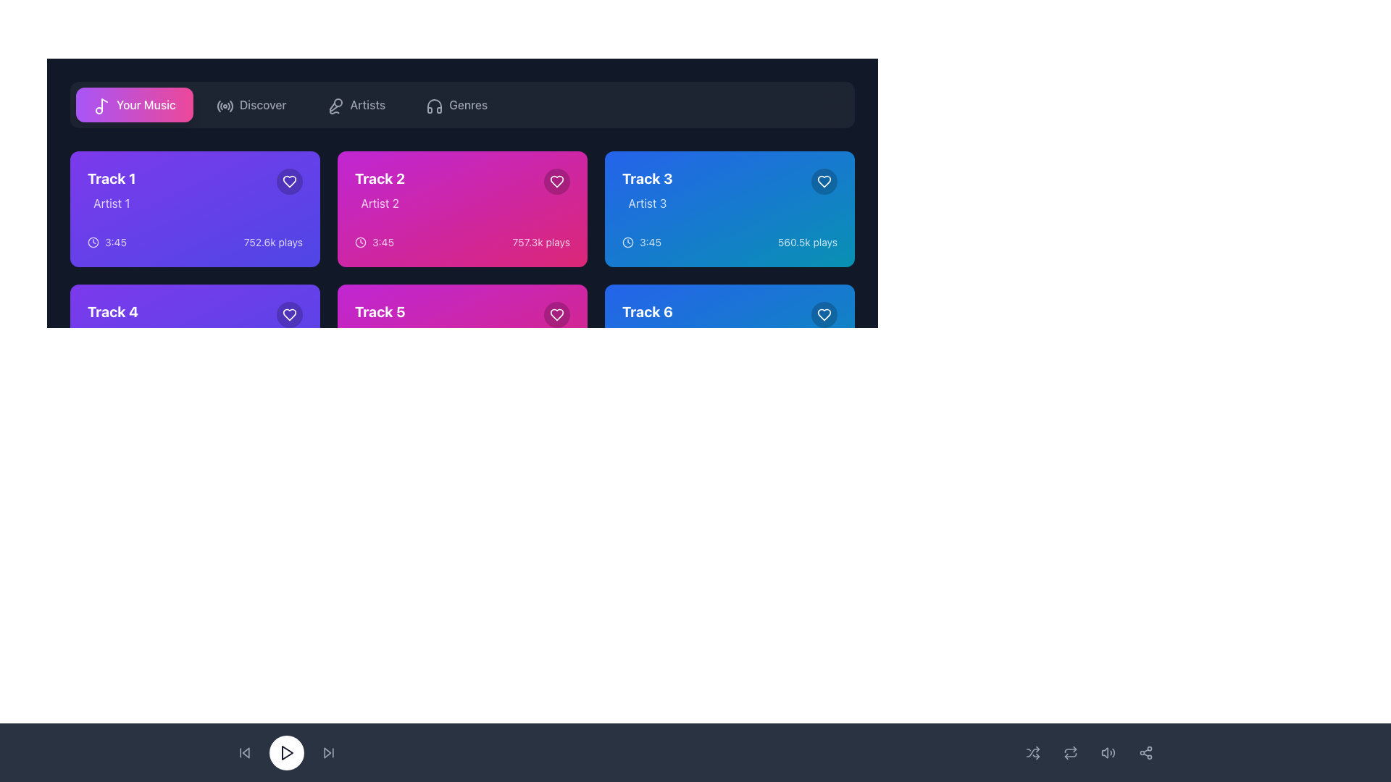 This screenshot has width=1391, height=782. I want to click on the text label displaying 'Track 6' by 'Artist 6', located in the bottom row of a grid layout inside the rightmost card, so click(646, 323).